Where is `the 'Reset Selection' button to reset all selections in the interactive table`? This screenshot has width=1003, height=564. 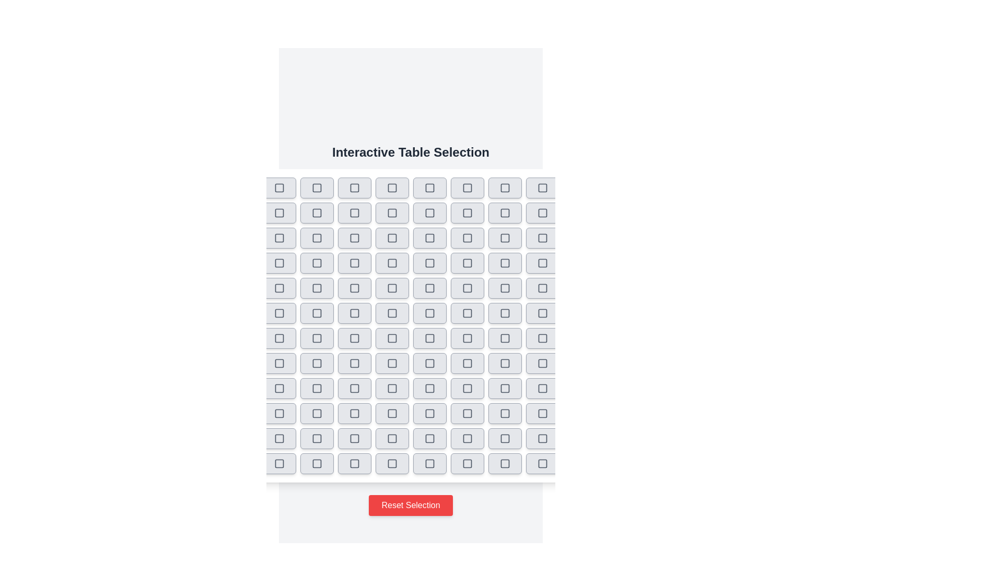 the 'Reset Selection' button to reset all selections in the interactive table is located at coordinates (410, 505).